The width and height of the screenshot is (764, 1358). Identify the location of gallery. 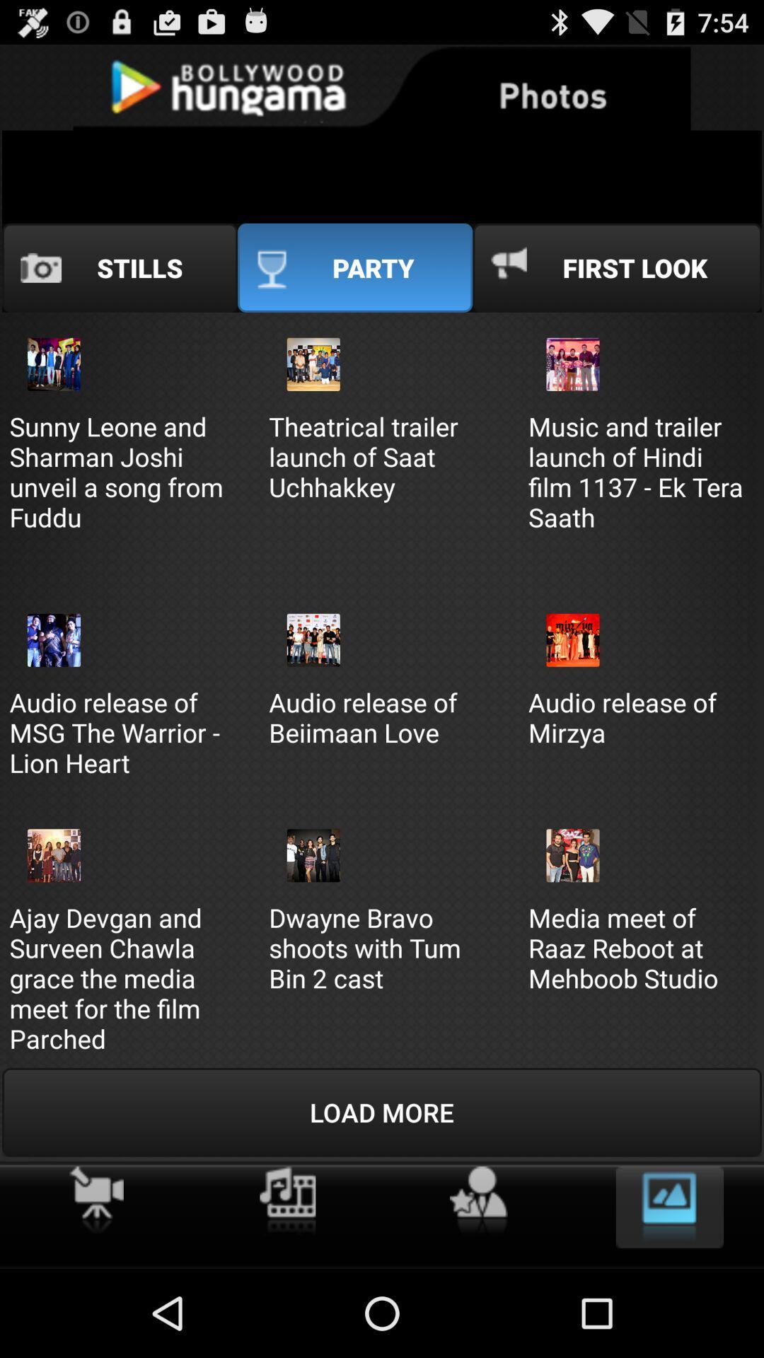
(668, 1207).